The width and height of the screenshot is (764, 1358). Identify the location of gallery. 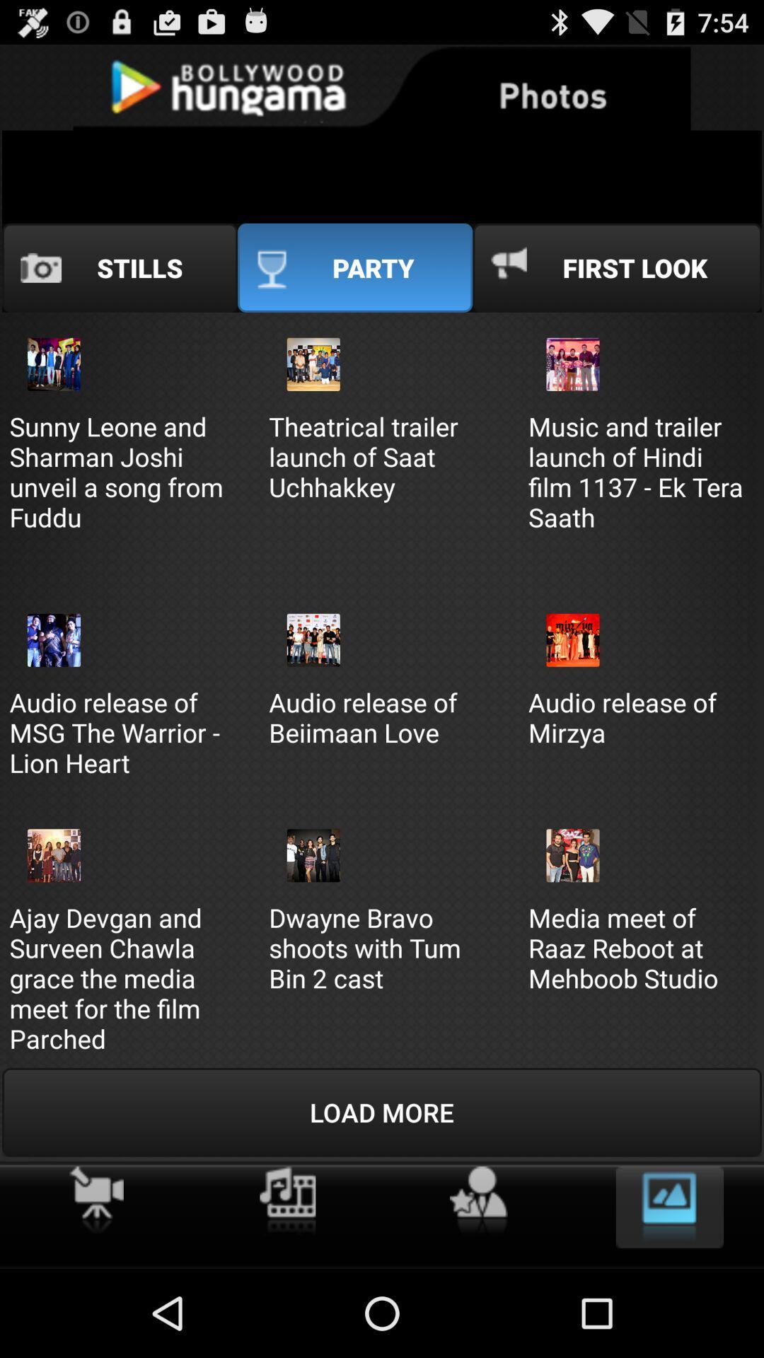
(668, 1207).